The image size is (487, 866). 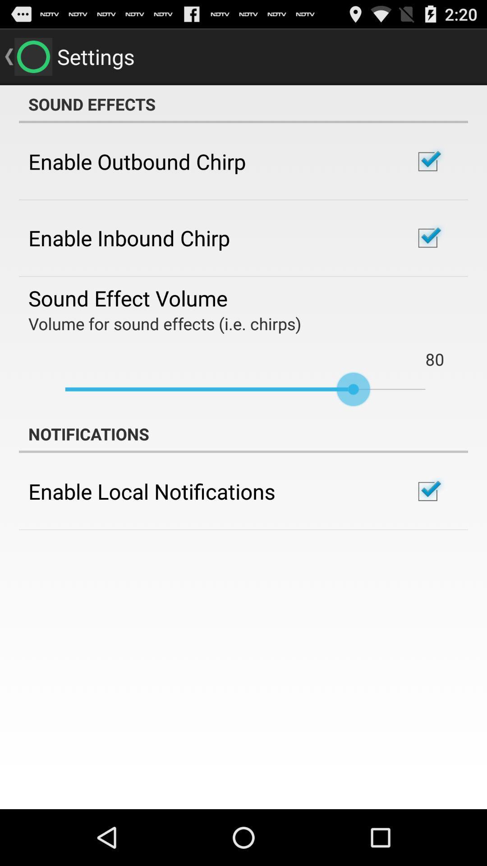 I want to click on 80, so click(x=434, y=359).